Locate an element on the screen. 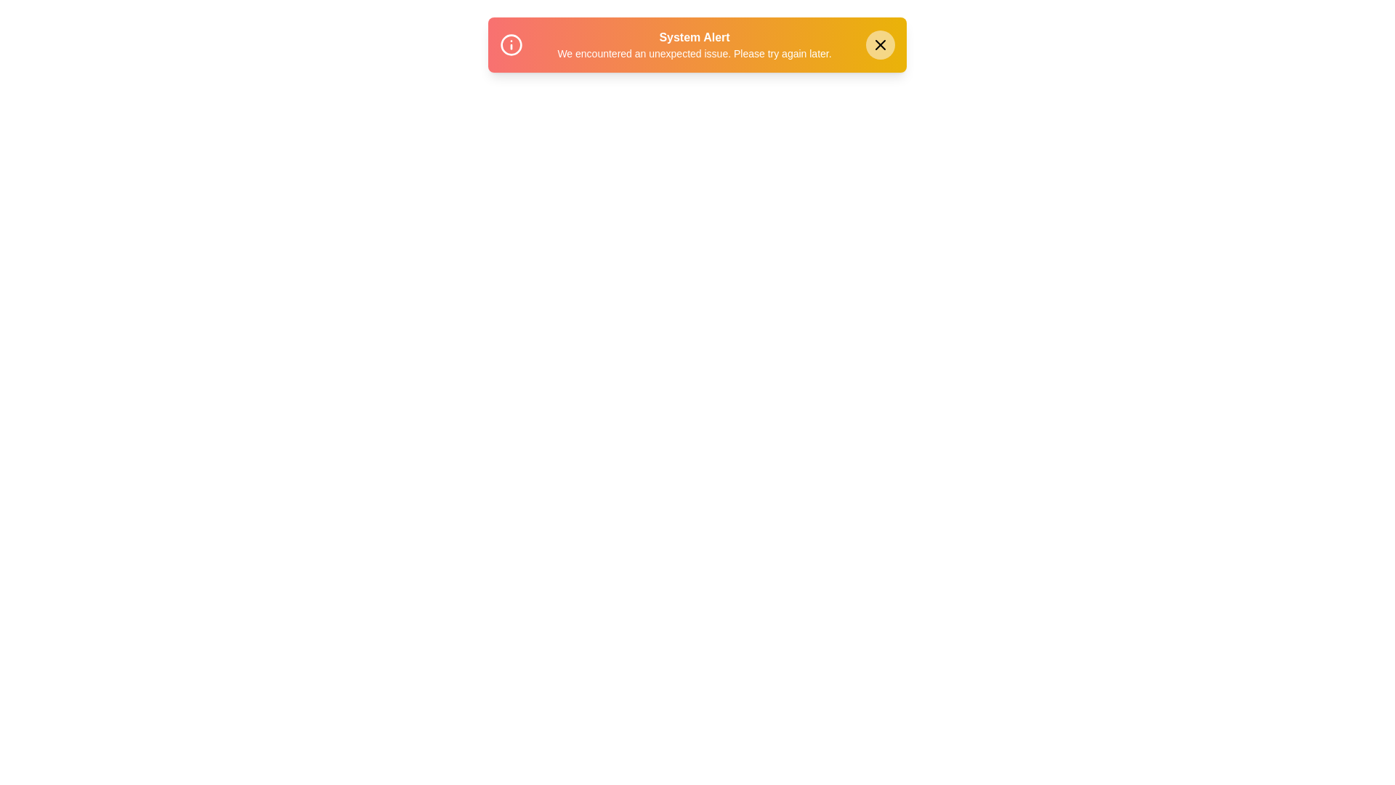 This screenshot has height=785, width=1395. the close button of the snackbar to dismiss it is located at coordinates (879, 44).